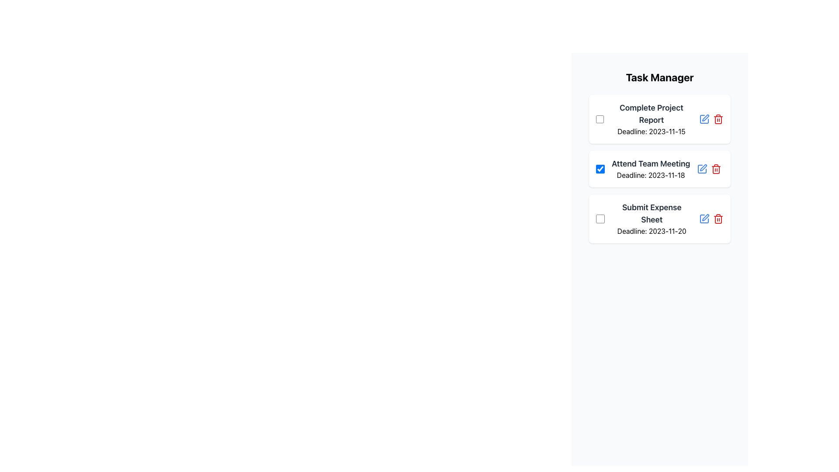 The height and width of the screenshot is (472, 839). I want to click on the red trash can icon located at the right end of the task labeled 'Complete Project Report', so click(711, 119).